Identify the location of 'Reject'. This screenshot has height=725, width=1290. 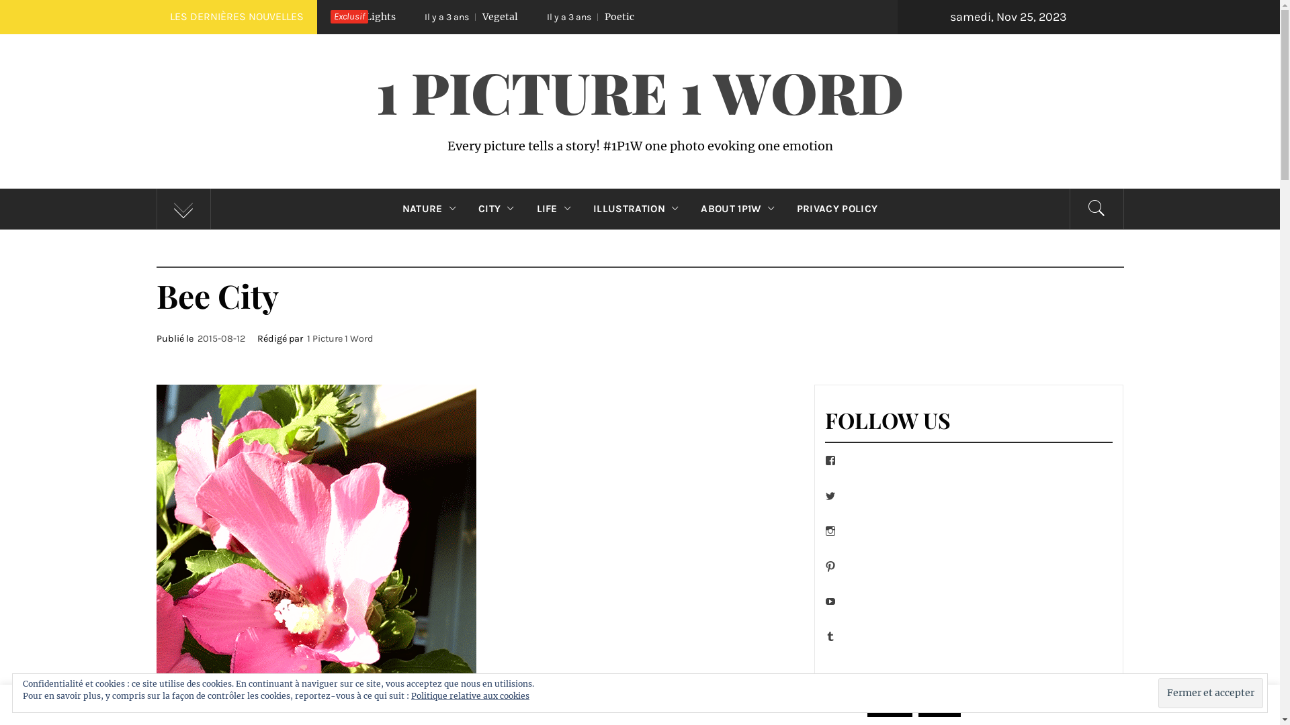
(938, 706).